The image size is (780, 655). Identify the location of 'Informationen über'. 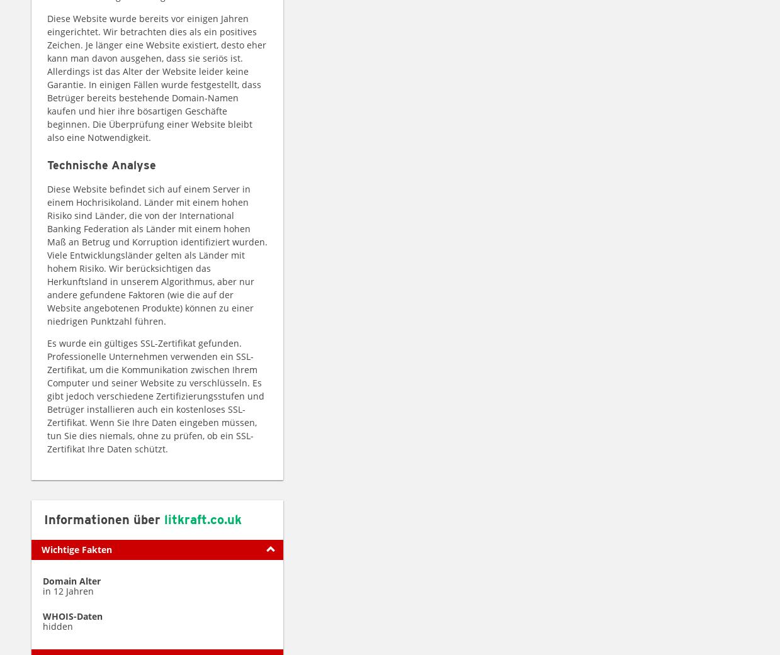
(104, 518).